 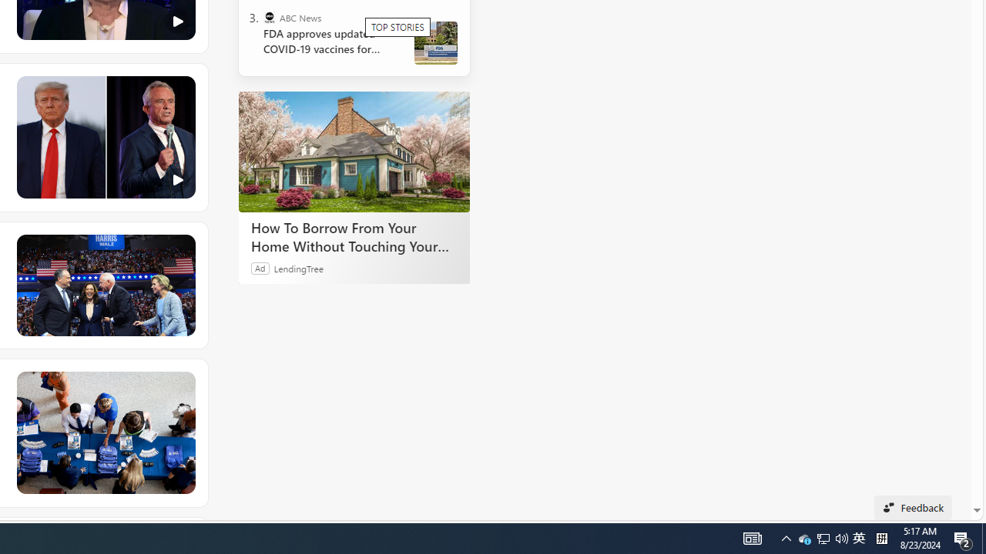 What do you see at coordinates (104, 137) in the screenshot?
I see `'Class: hero-image'` at bounding box center [104, 137].